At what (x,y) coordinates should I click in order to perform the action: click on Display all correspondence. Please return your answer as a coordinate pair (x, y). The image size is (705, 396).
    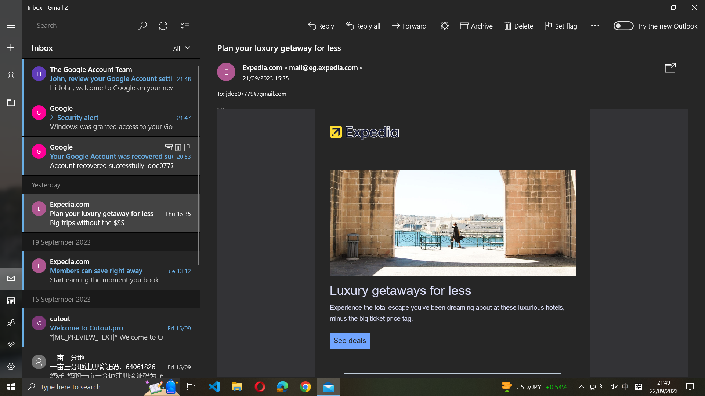
    Looking at the image, I should click on (182, 48).